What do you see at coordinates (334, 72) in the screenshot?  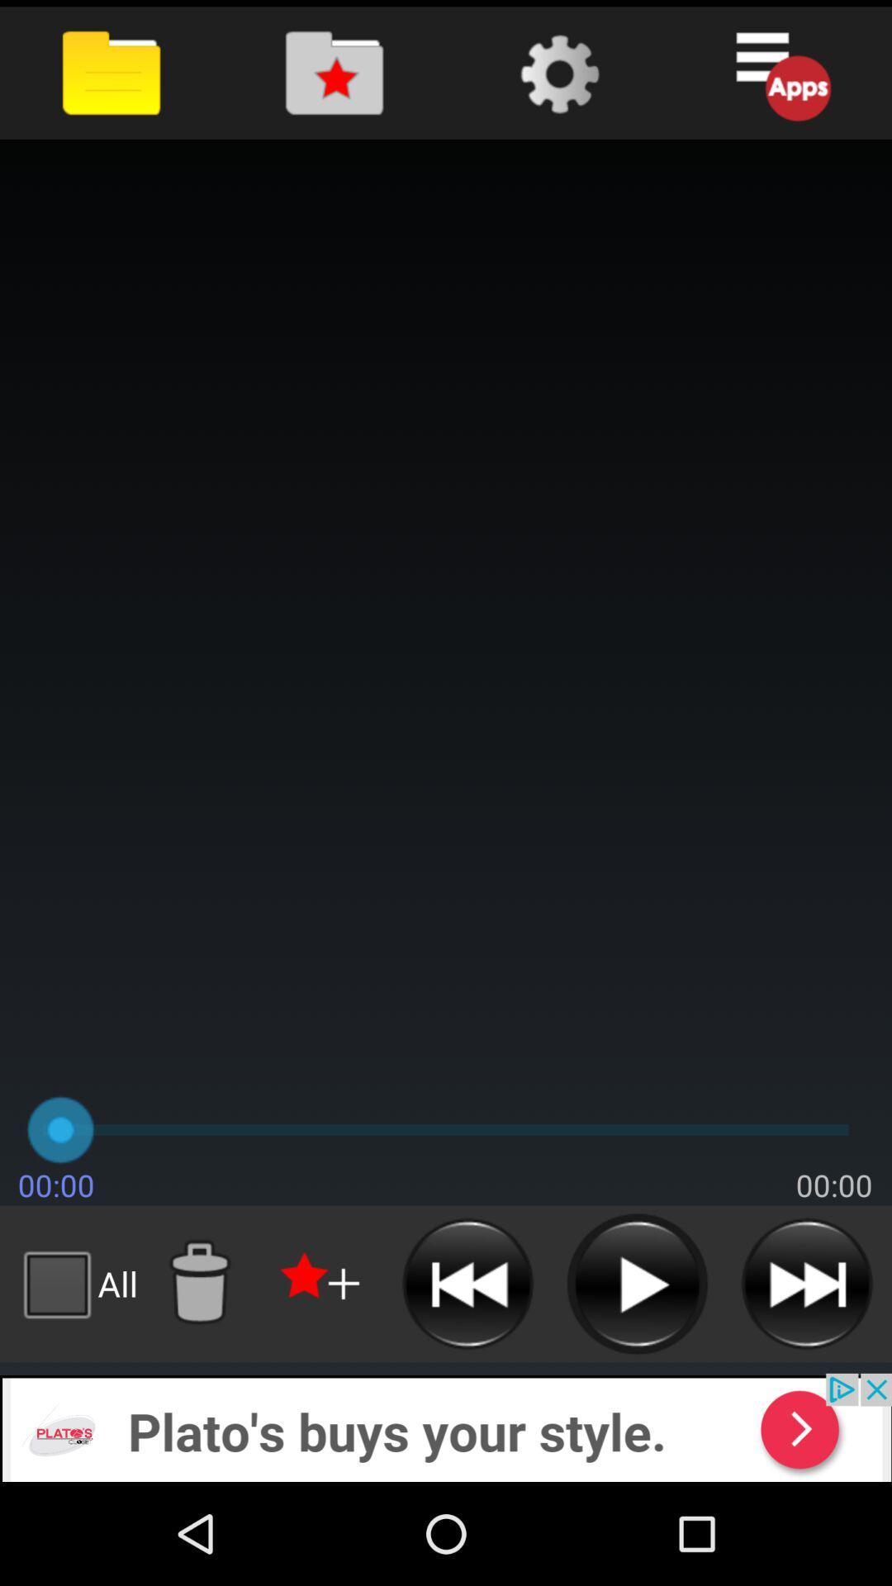 I see `opens 'favorite files` at bounding box center [334, 72].